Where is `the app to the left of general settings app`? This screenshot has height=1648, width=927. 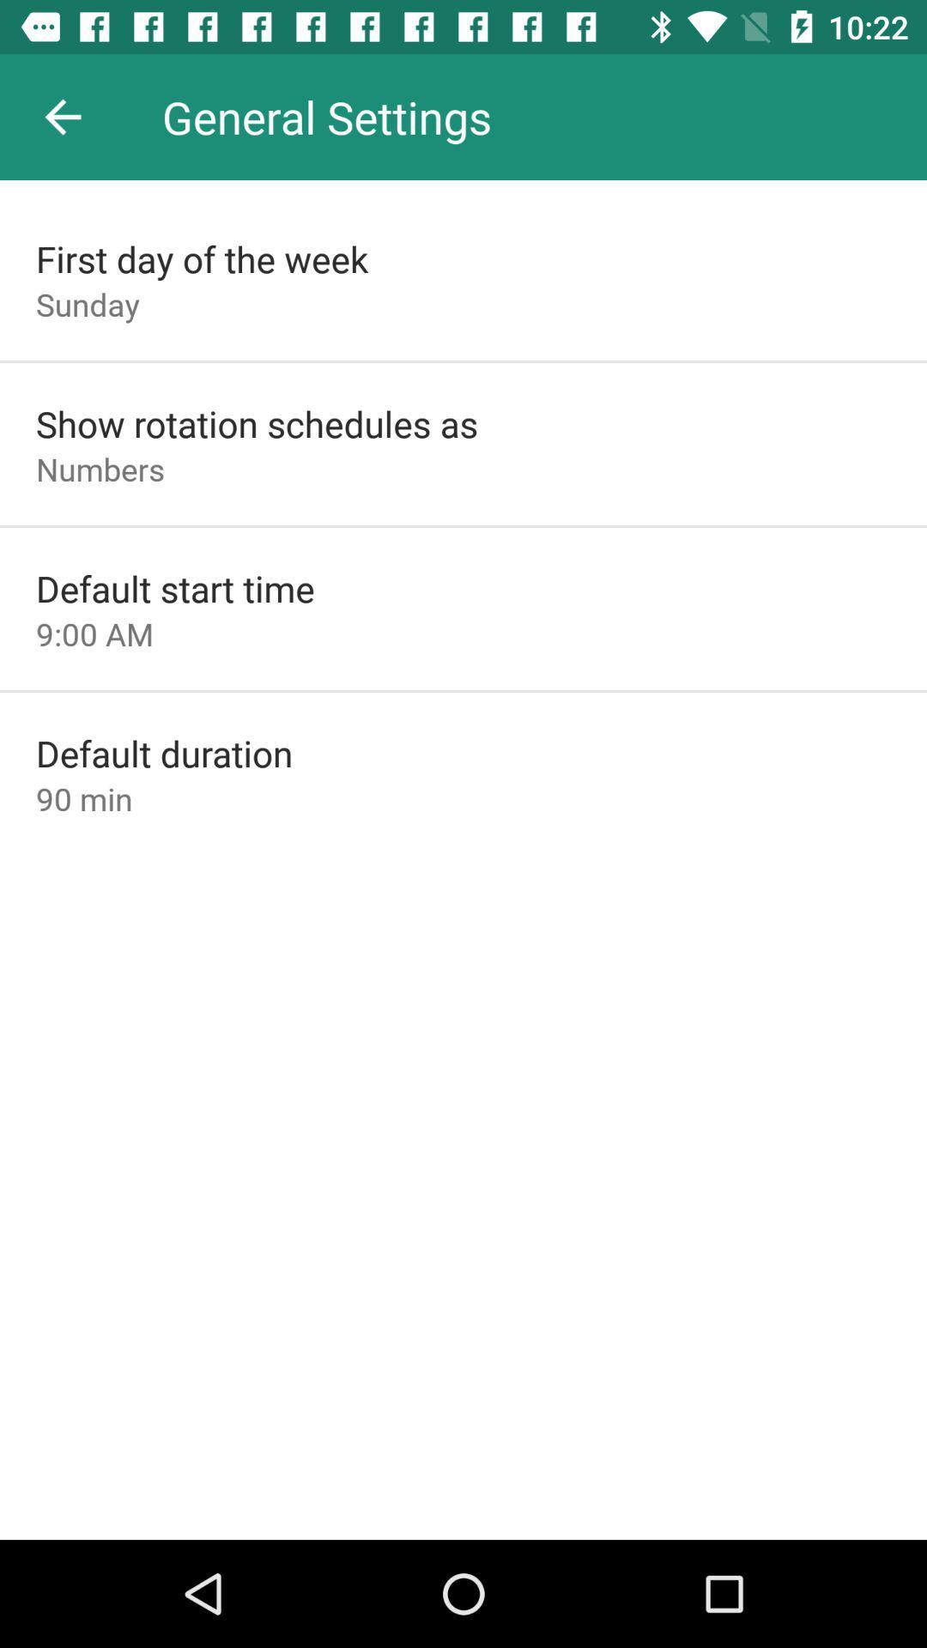
the app to the left of general settings app is located at coordinates (62, 116).